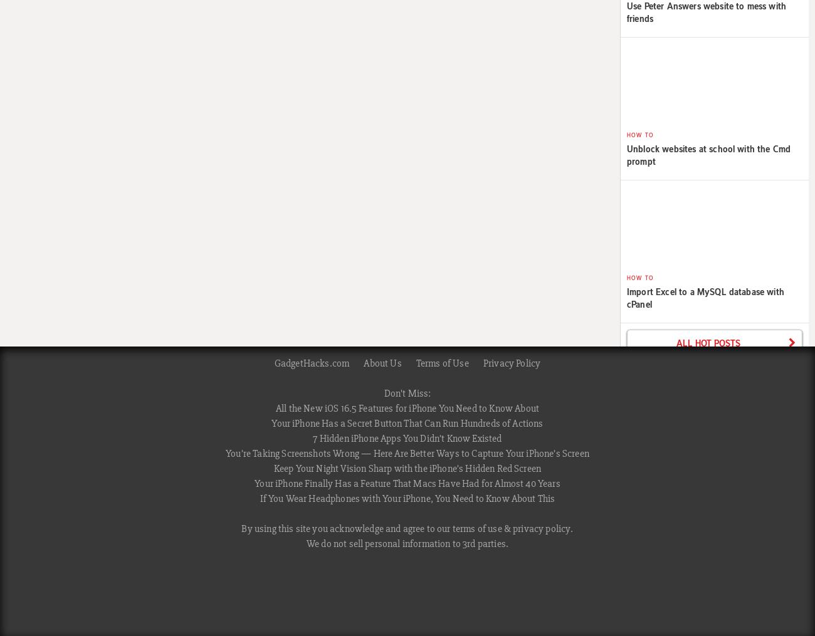 This screenshot has width=815, height=636. What do you see at coordinates (311, 363) in the screenshot?
I see `'GadgetHacks.com'` at bounding box center [311, 363].